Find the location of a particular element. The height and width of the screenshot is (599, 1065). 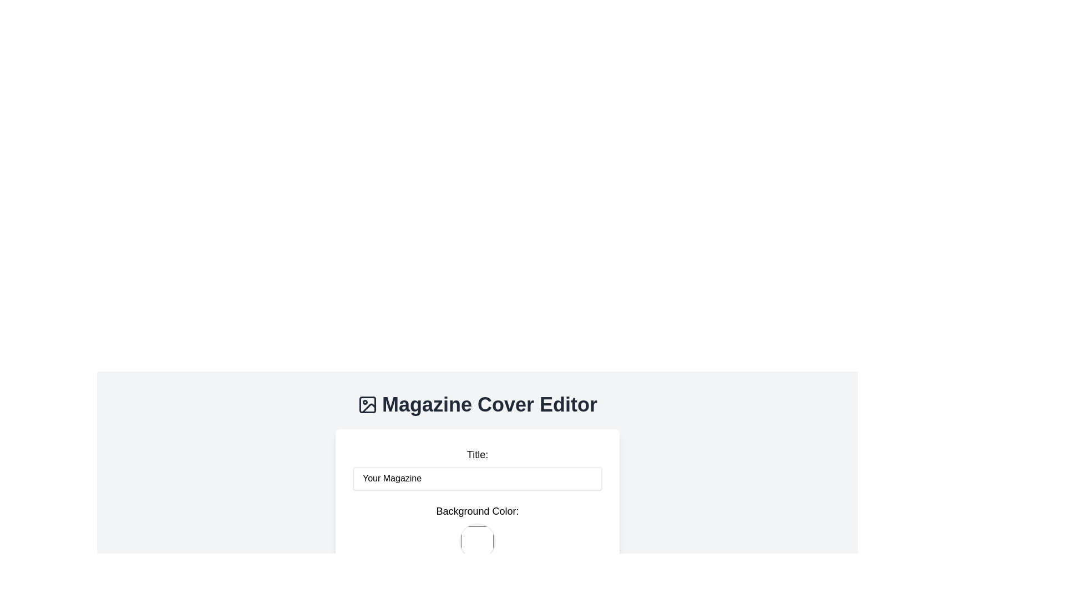

the Color Picker element located below the 'Title' text input in the magazine editor interface is located at coordinates (477, 531).